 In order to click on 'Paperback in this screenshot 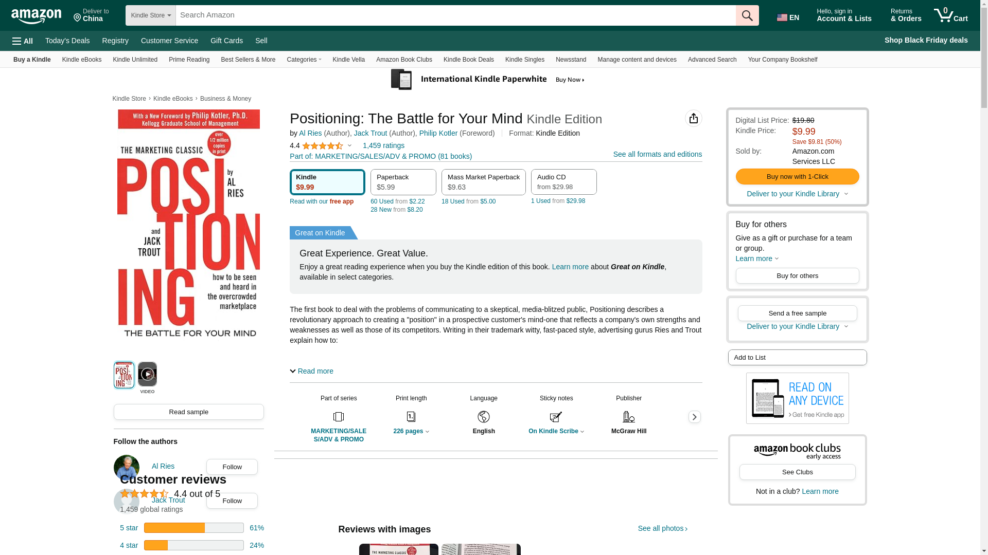, I will do `click(402, 181)`.